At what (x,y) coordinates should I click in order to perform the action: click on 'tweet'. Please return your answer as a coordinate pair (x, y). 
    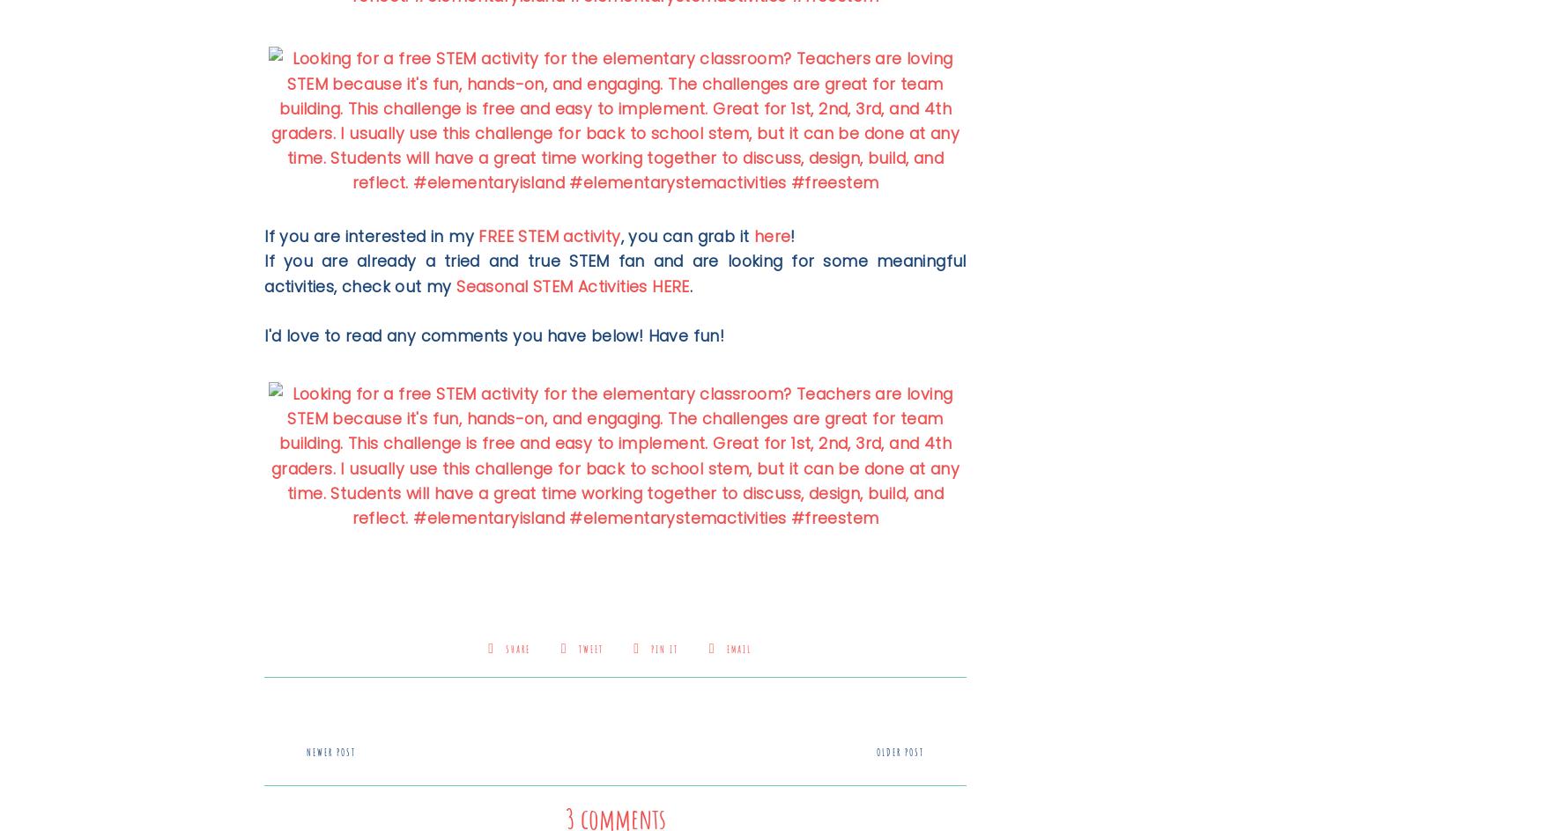
    Looking at the image, I should click on (589, 649).